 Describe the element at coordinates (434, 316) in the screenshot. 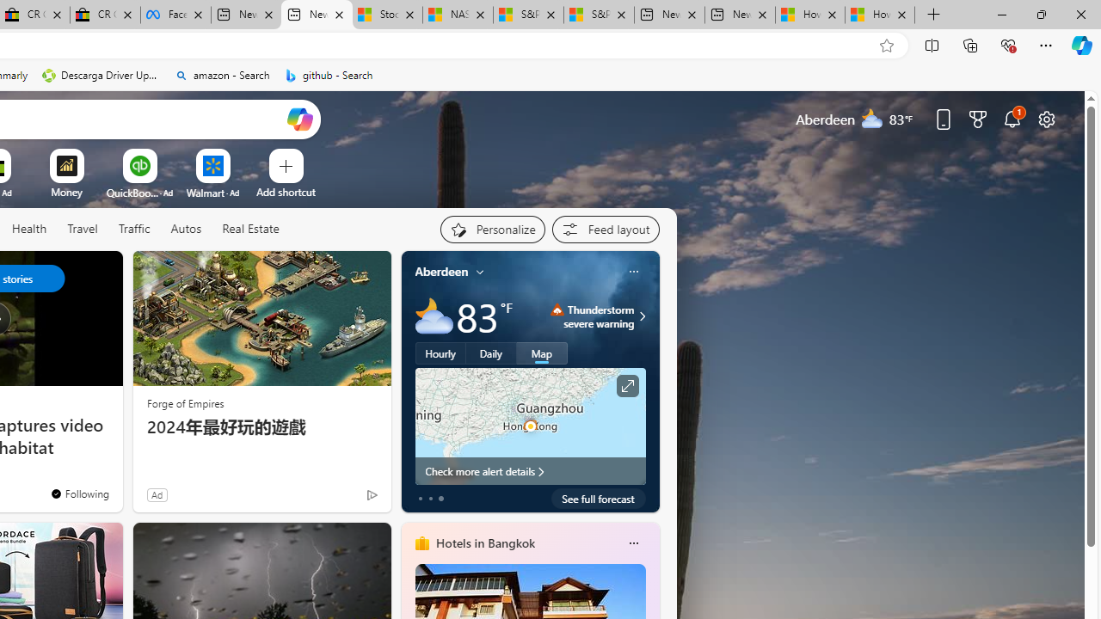

I see `'Mostly cloudy'` at that location.